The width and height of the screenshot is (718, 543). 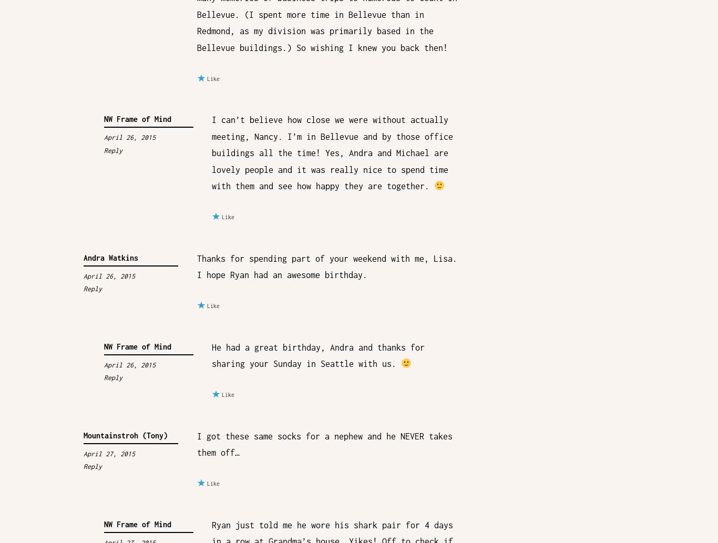 I want to click on 'Andra Watkins', so click(x=83, y=257).